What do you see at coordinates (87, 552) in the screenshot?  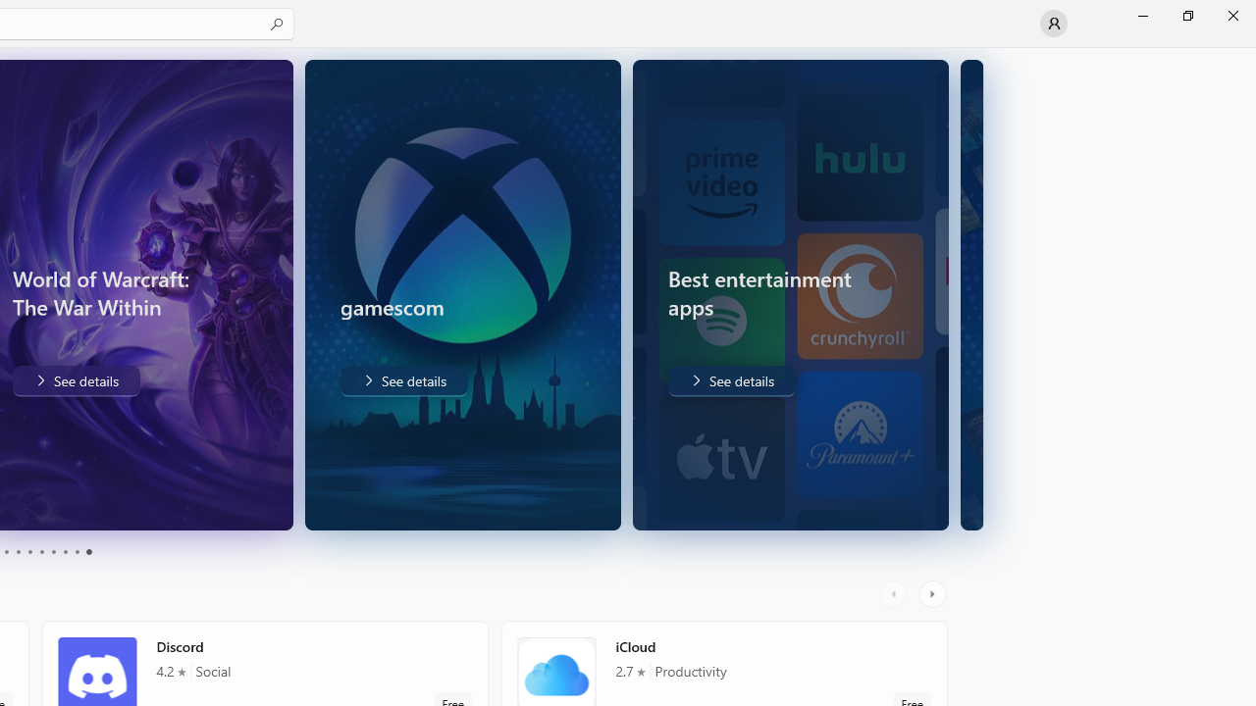 I see `'Page 10'` at bounding box center [87, 552].